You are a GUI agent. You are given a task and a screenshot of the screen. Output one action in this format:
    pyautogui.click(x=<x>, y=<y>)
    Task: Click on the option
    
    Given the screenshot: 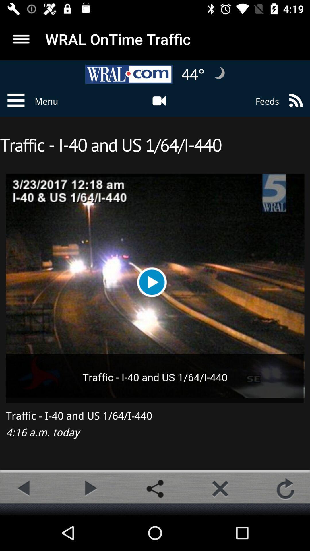 What is the action you would take?
    pyautogui.click(x=90, y=488)
    